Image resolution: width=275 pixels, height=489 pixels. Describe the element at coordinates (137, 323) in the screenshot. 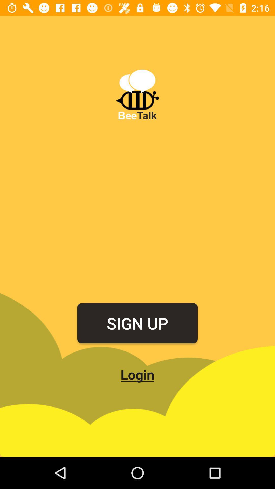

I see `item at the center` at that location.